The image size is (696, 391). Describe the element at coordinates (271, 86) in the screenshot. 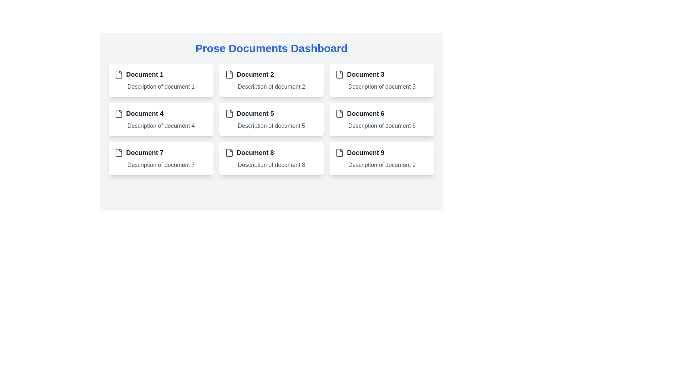

I see `the text label displaying 'Description of document 2', which is located beneath the main title 'Document 2' in the second box of the grid layout` at that location.